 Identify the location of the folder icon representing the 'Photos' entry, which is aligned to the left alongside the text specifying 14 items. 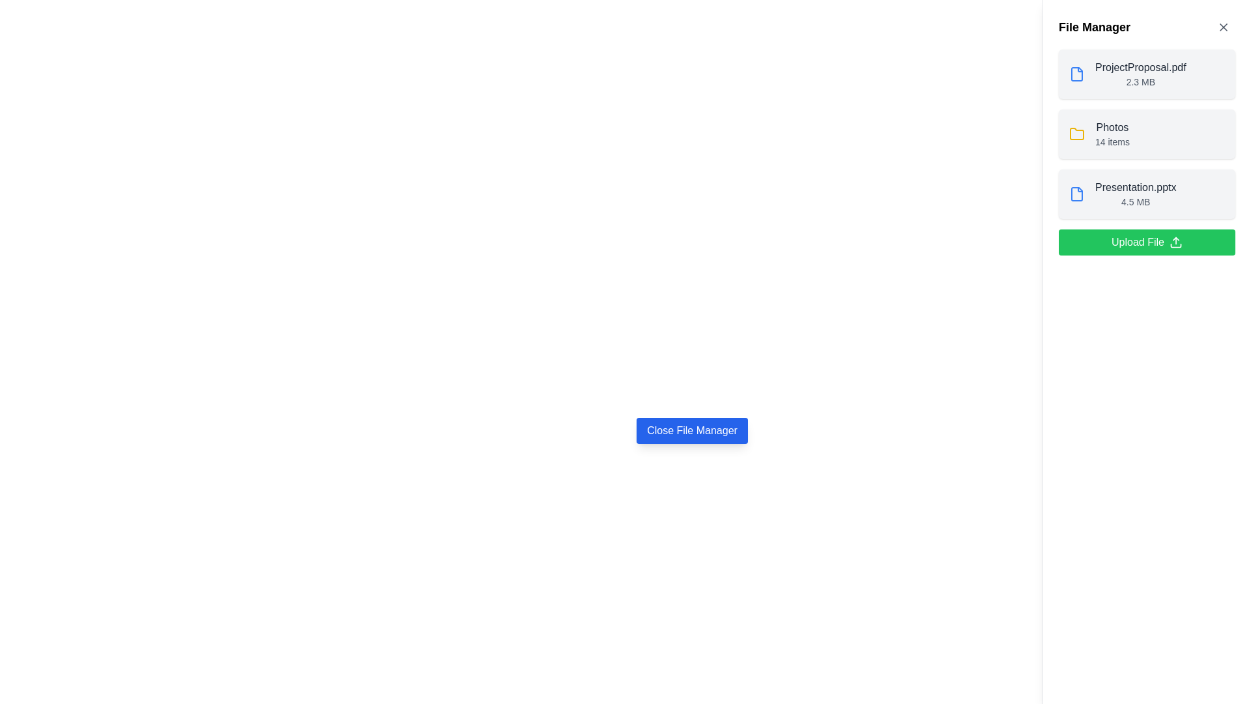
(1076, 134).